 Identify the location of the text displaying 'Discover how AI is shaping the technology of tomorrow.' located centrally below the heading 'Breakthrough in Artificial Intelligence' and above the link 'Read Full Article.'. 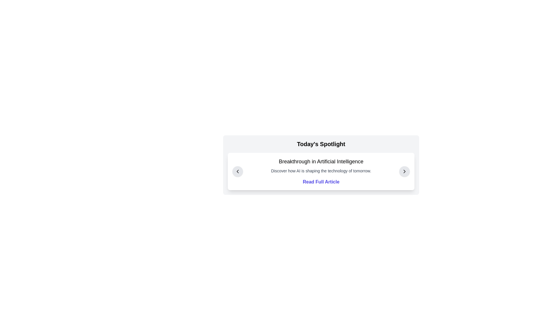
(321, 171).